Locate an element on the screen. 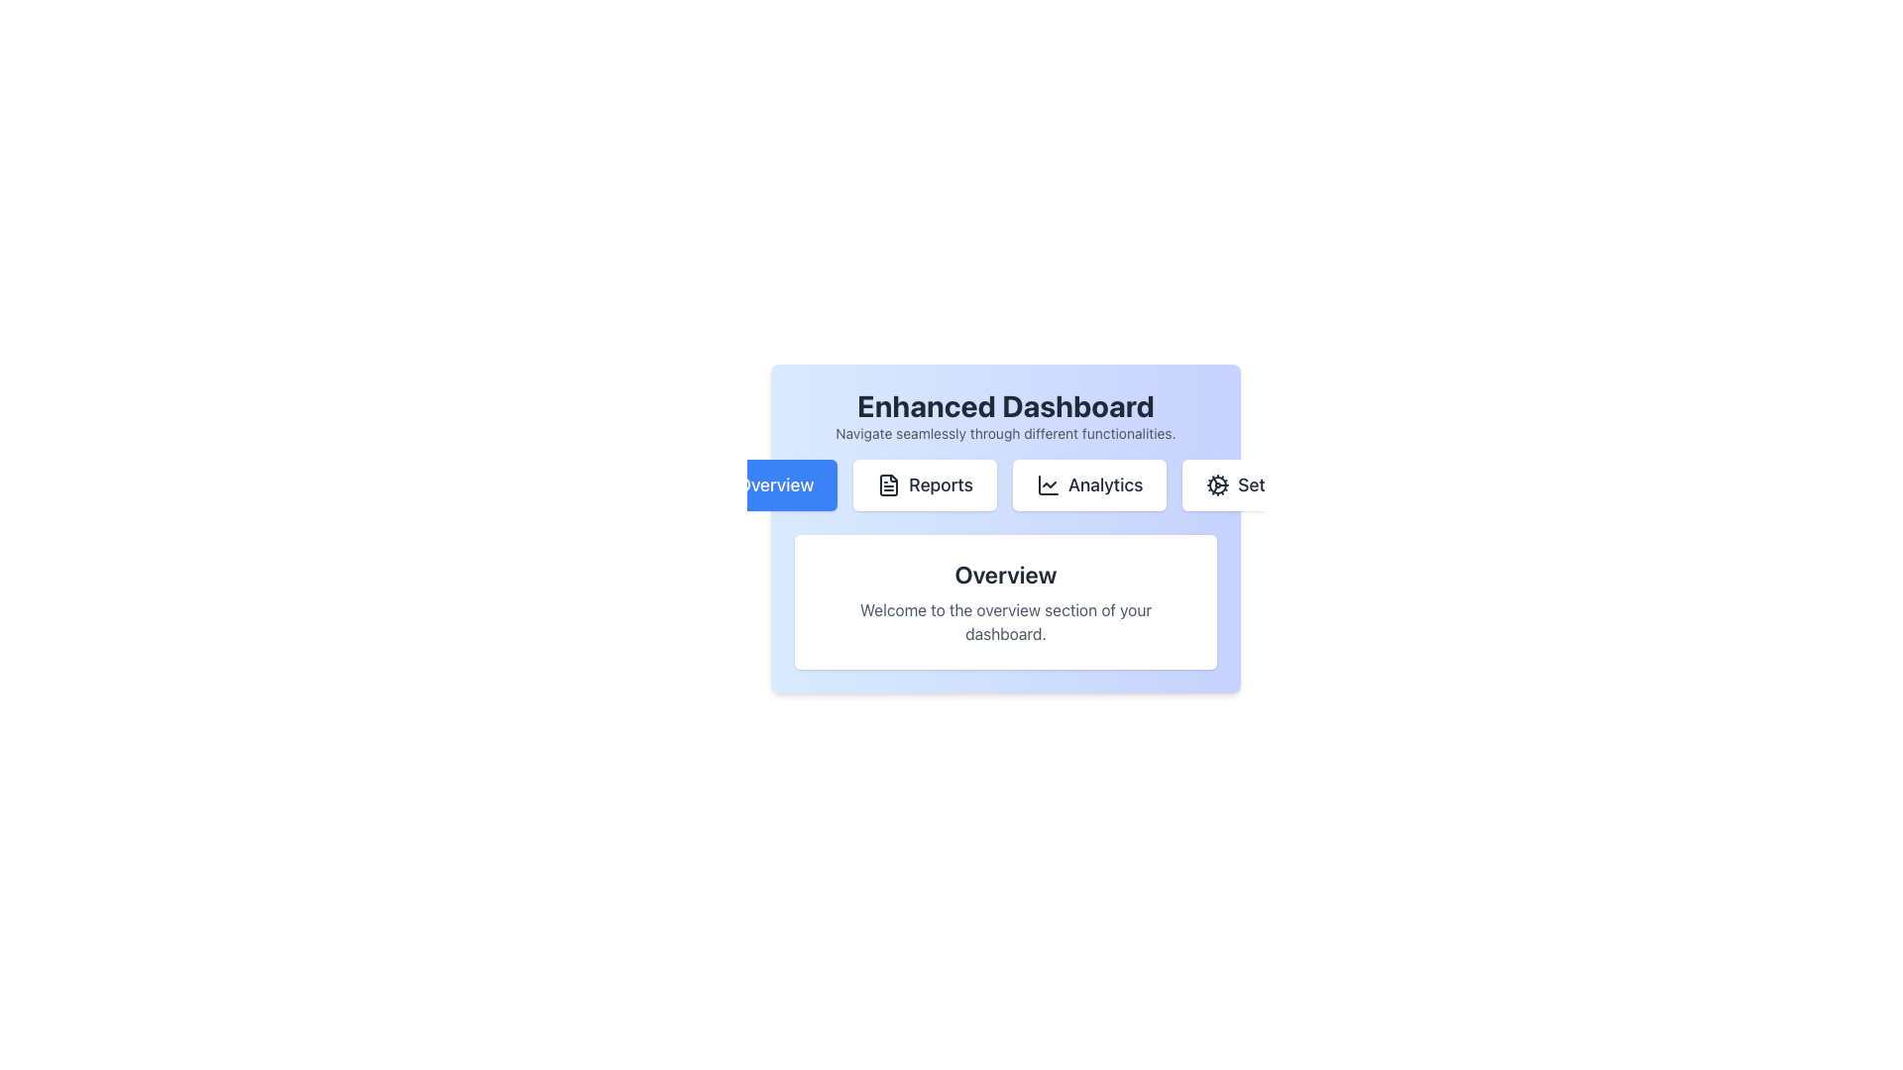  informational text block located at the center of the lower section of the dashboard card, which provides a brief introduction to the 'Overview' section is located at coordinates (1005, 601).